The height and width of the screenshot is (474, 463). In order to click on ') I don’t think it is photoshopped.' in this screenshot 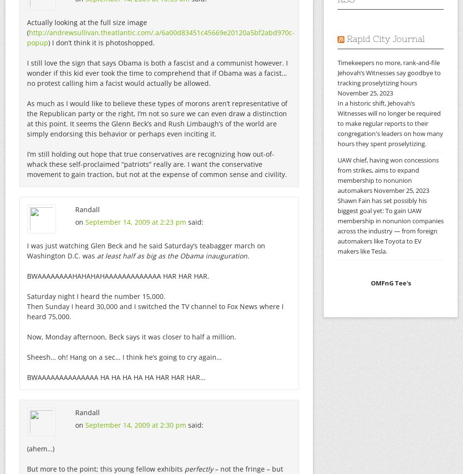, I will do `click(101, 42)`.